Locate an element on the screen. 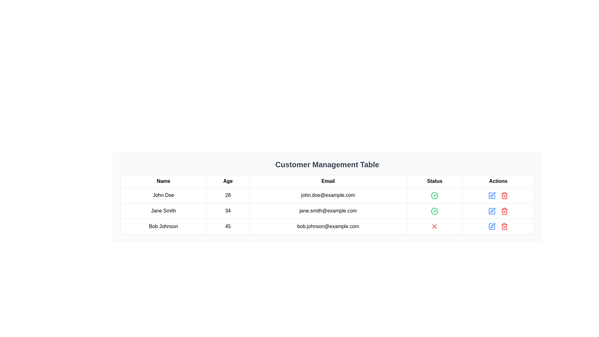 This screenshot has height=337, width=599. the edit icon in the Actions column of the last row of the table, associated with user Bob Johnson is located at coordinates (493, 210).